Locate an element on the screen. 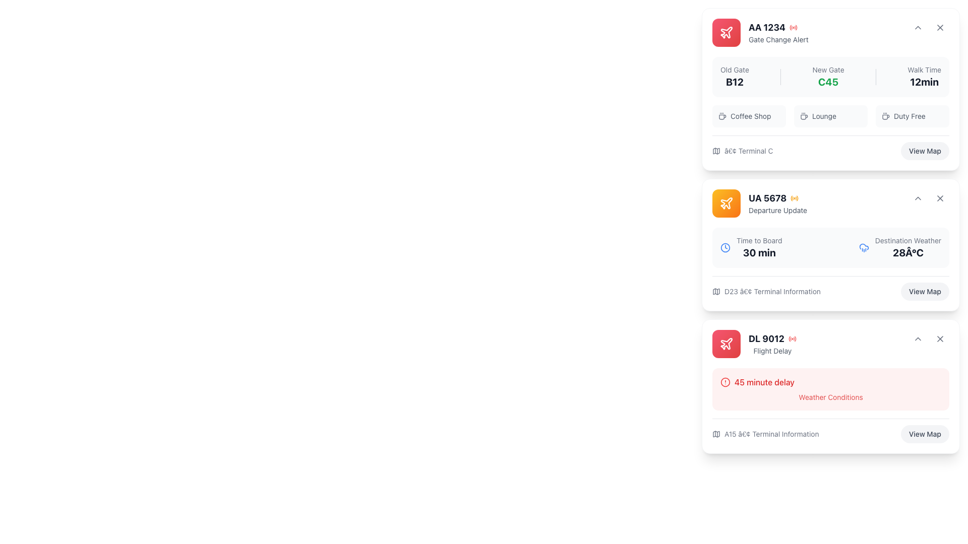 The image size is (968, 544). the button located in the bottom right corner of the first flight information card is located at coordinates (925, 151).